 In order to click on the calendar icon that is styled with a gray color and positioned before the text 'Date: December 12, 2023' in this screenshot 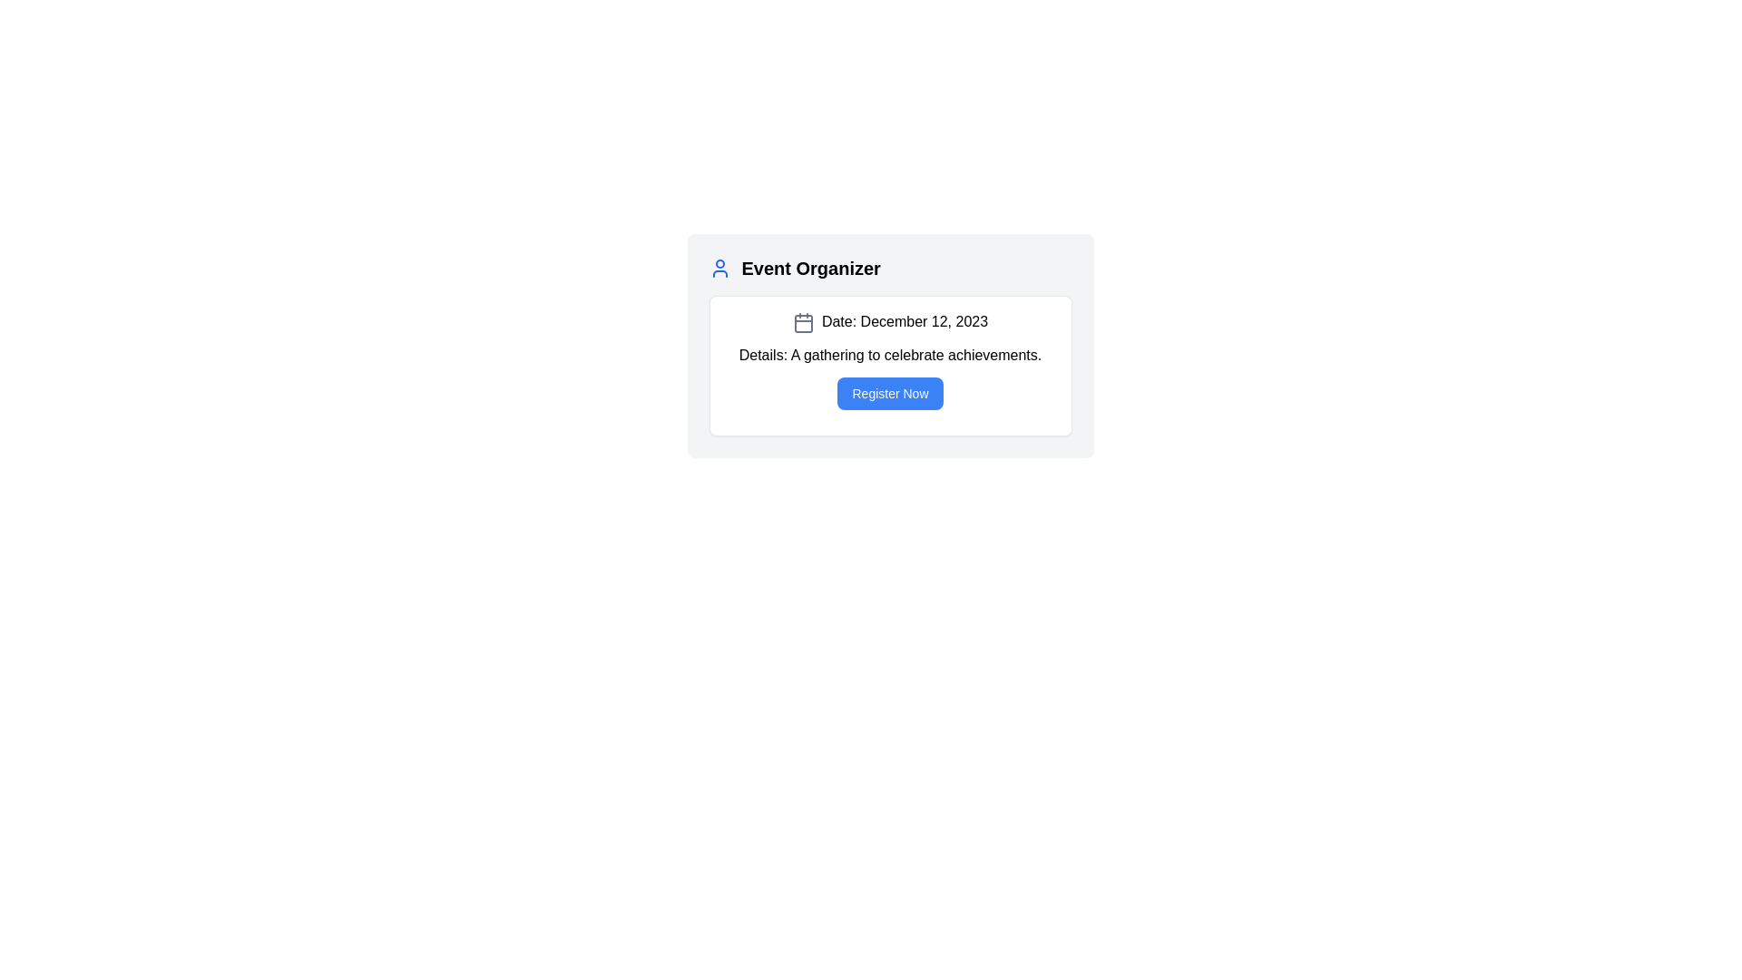, I will do `click(802, 321)`.